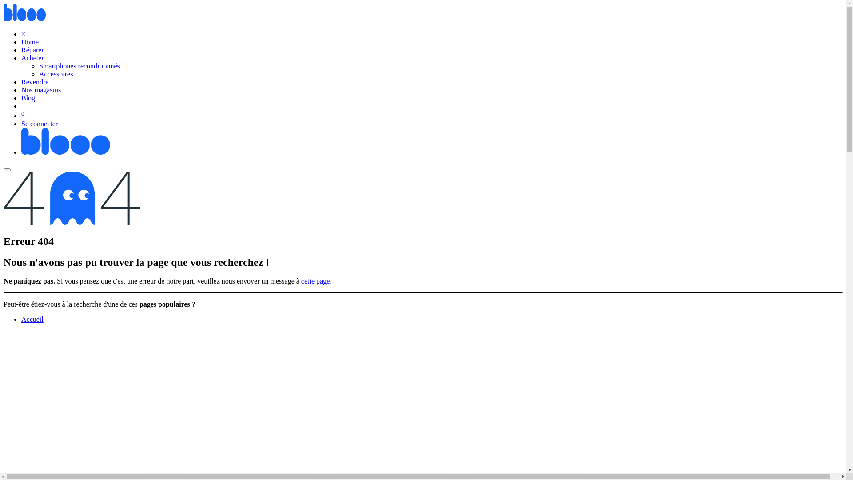 Image resolution: width=853 pixels, height=480 pixels. I want to click on 'Accueil', so click(32, 319).